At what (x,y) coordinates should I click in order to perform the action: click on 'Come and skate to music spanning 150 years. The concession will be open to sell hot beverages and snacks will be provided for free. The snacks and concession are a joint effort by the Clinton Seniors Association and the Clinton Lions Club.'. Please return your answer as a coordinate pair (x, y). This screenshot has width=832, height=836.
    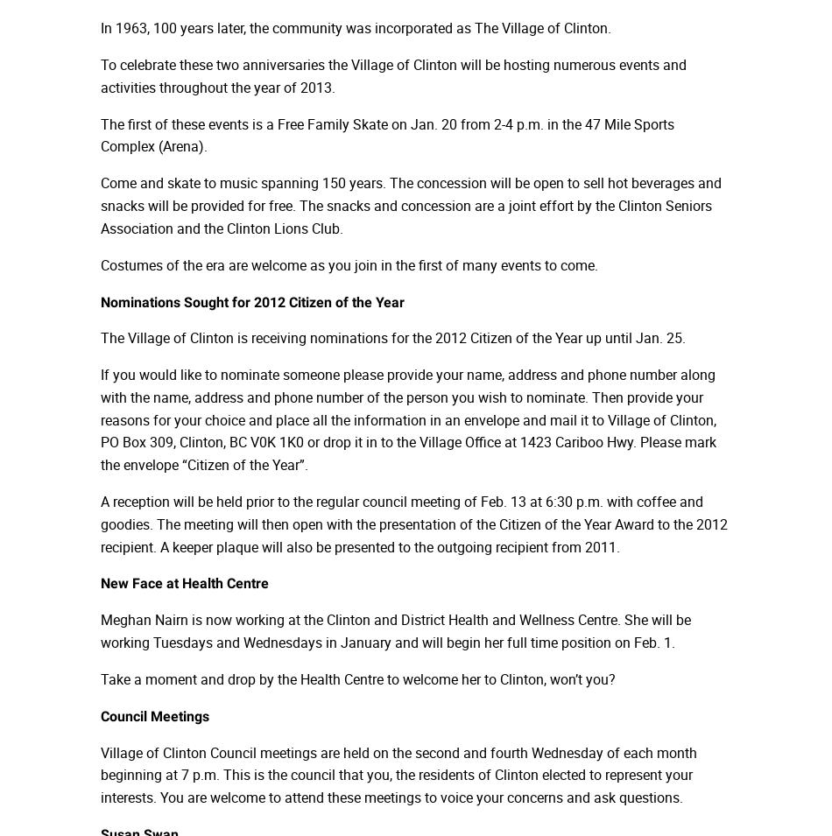
    Looking at the image, I should click on (410, 205).